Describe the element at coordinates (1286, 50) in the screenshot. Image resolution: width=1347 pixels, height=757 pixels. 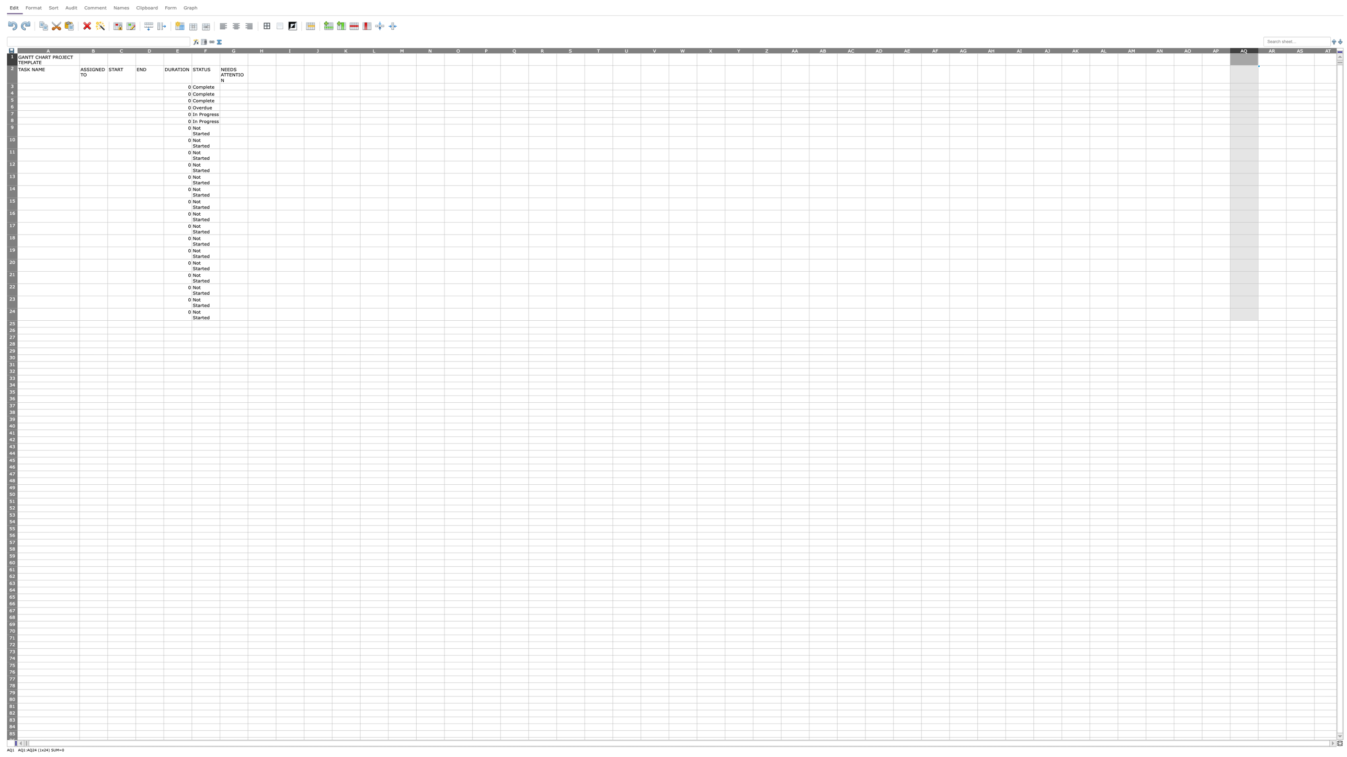
I see `the right edge of column AR, for next step resizing the column` at that location.